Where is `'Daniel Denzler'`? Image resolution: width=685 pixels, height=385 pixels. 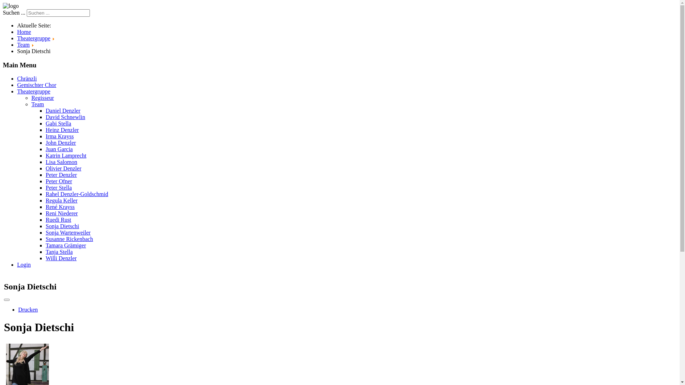
'Daniel Denzler' is located at coordinates (63, 111).